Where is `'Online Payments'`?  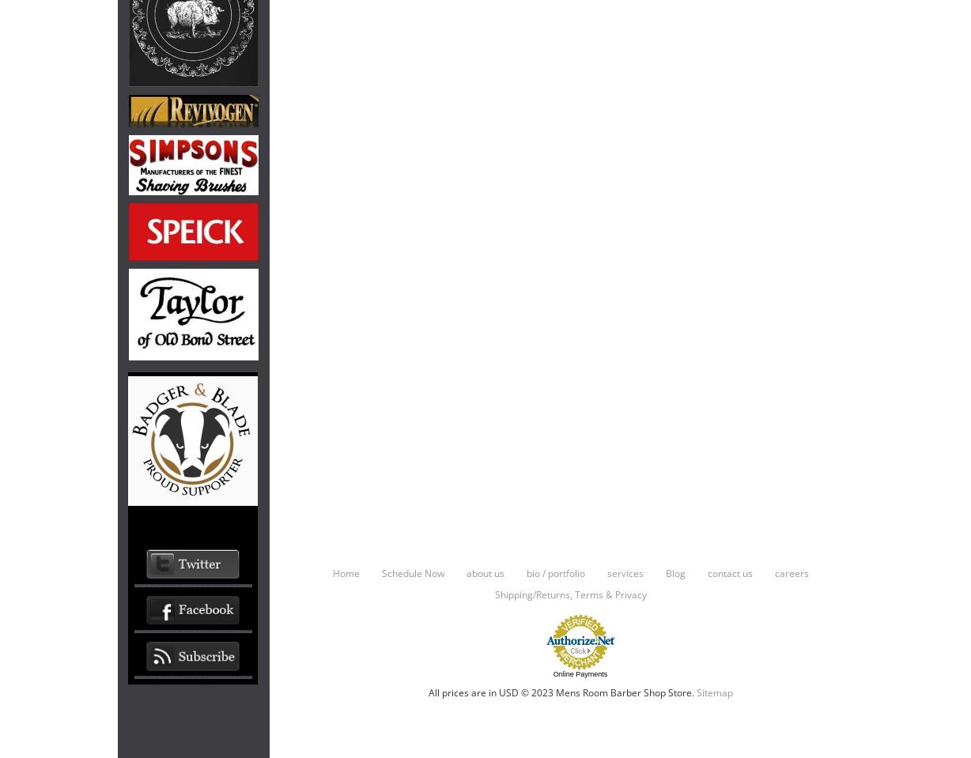
'Online Payments' is located at coordinates (580, 673).